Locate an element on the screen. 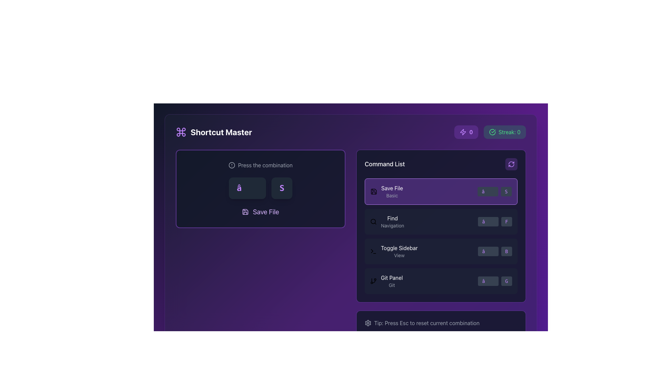  the 'Git Panel' icon located to the left of the 'Git Panel' label in the 'Command List' section is located at coordinates (373, 281).